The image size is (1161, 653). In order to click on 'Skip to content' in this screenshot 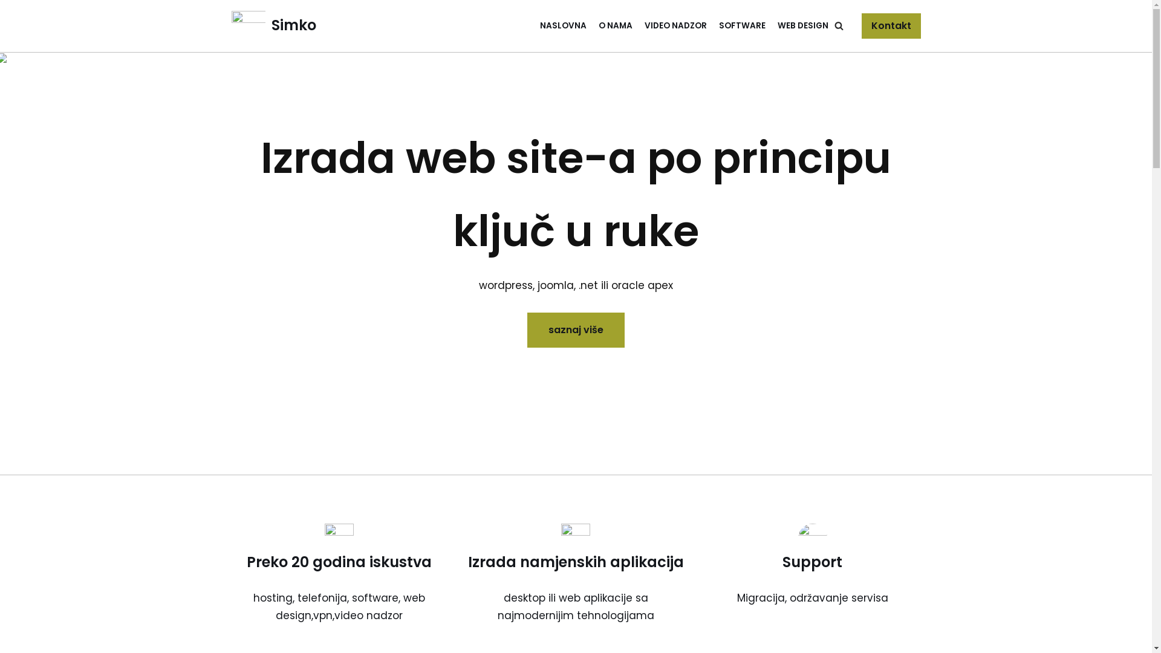, I will do `click(8, 25)`.